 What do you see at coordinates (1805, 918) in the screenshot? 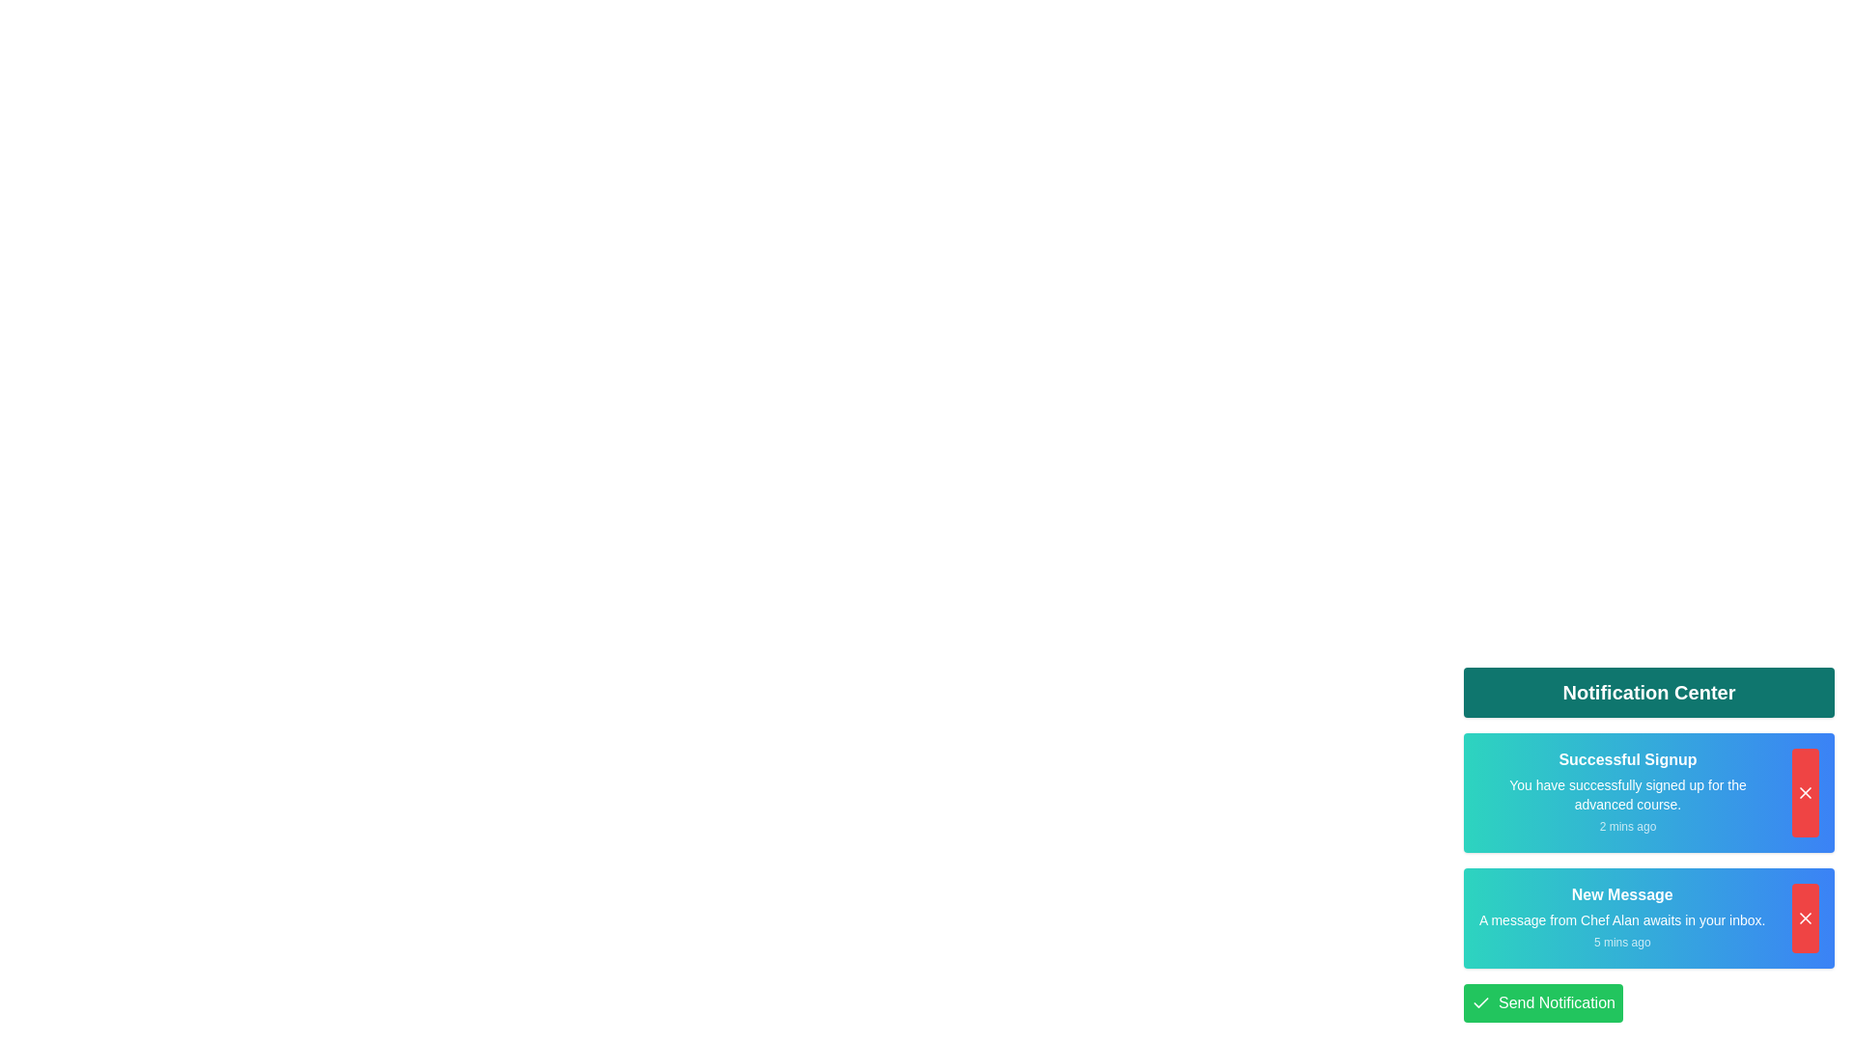
I see `the dismiss button for the notification titled 'New Message'` at bounding box center [1805, 918].